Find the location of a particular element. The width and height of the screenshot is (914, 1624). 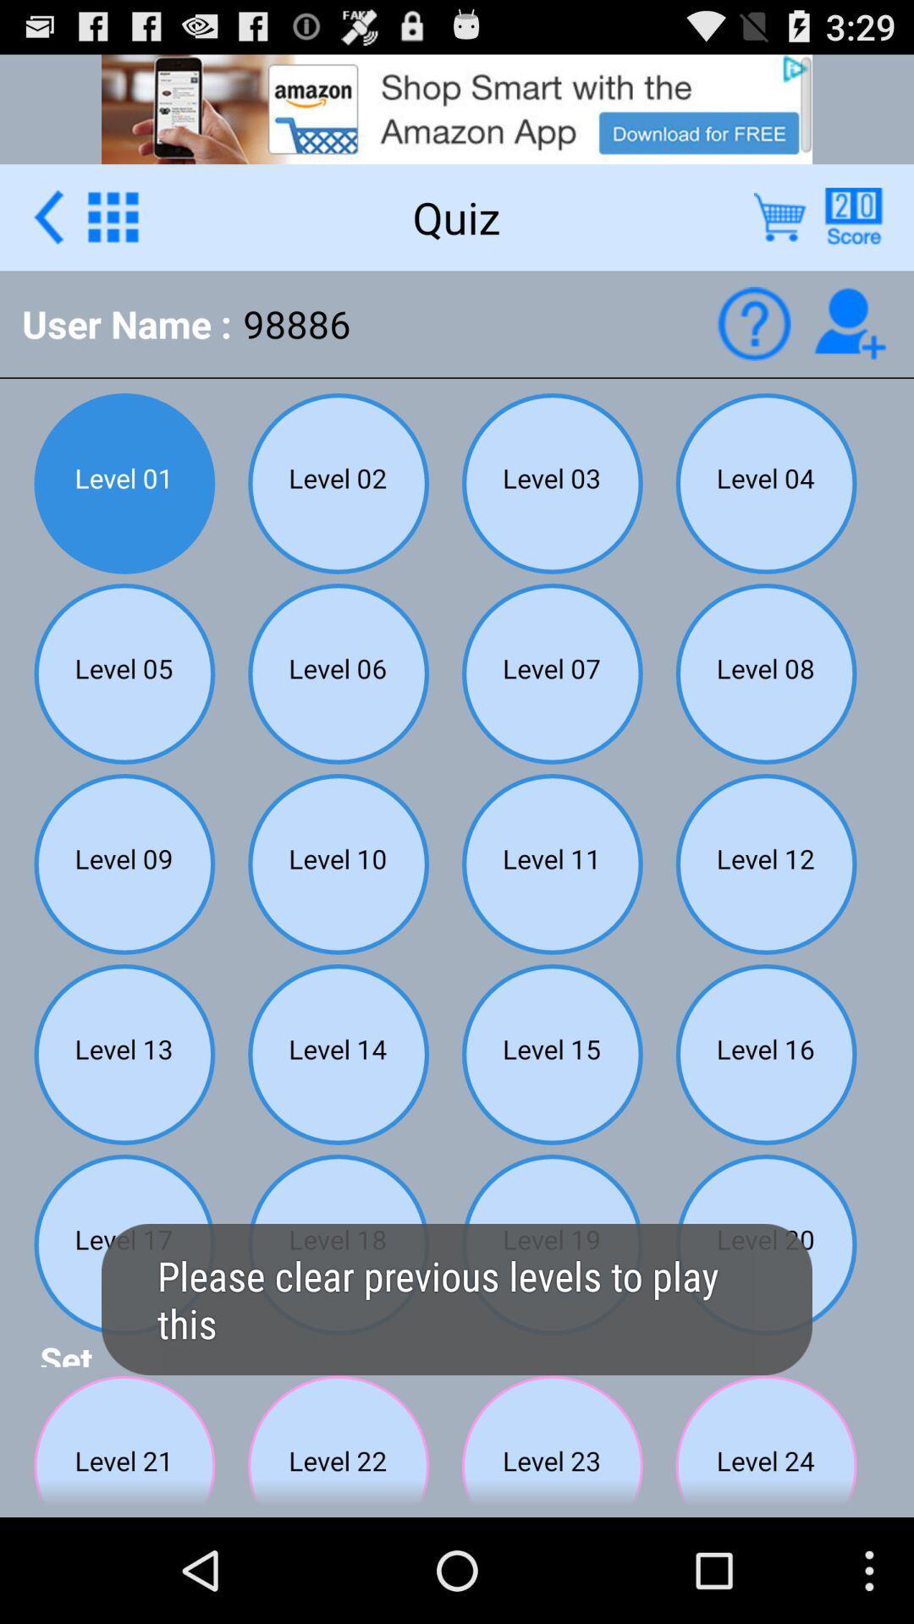

open settings is located at coordinates (113, 216).